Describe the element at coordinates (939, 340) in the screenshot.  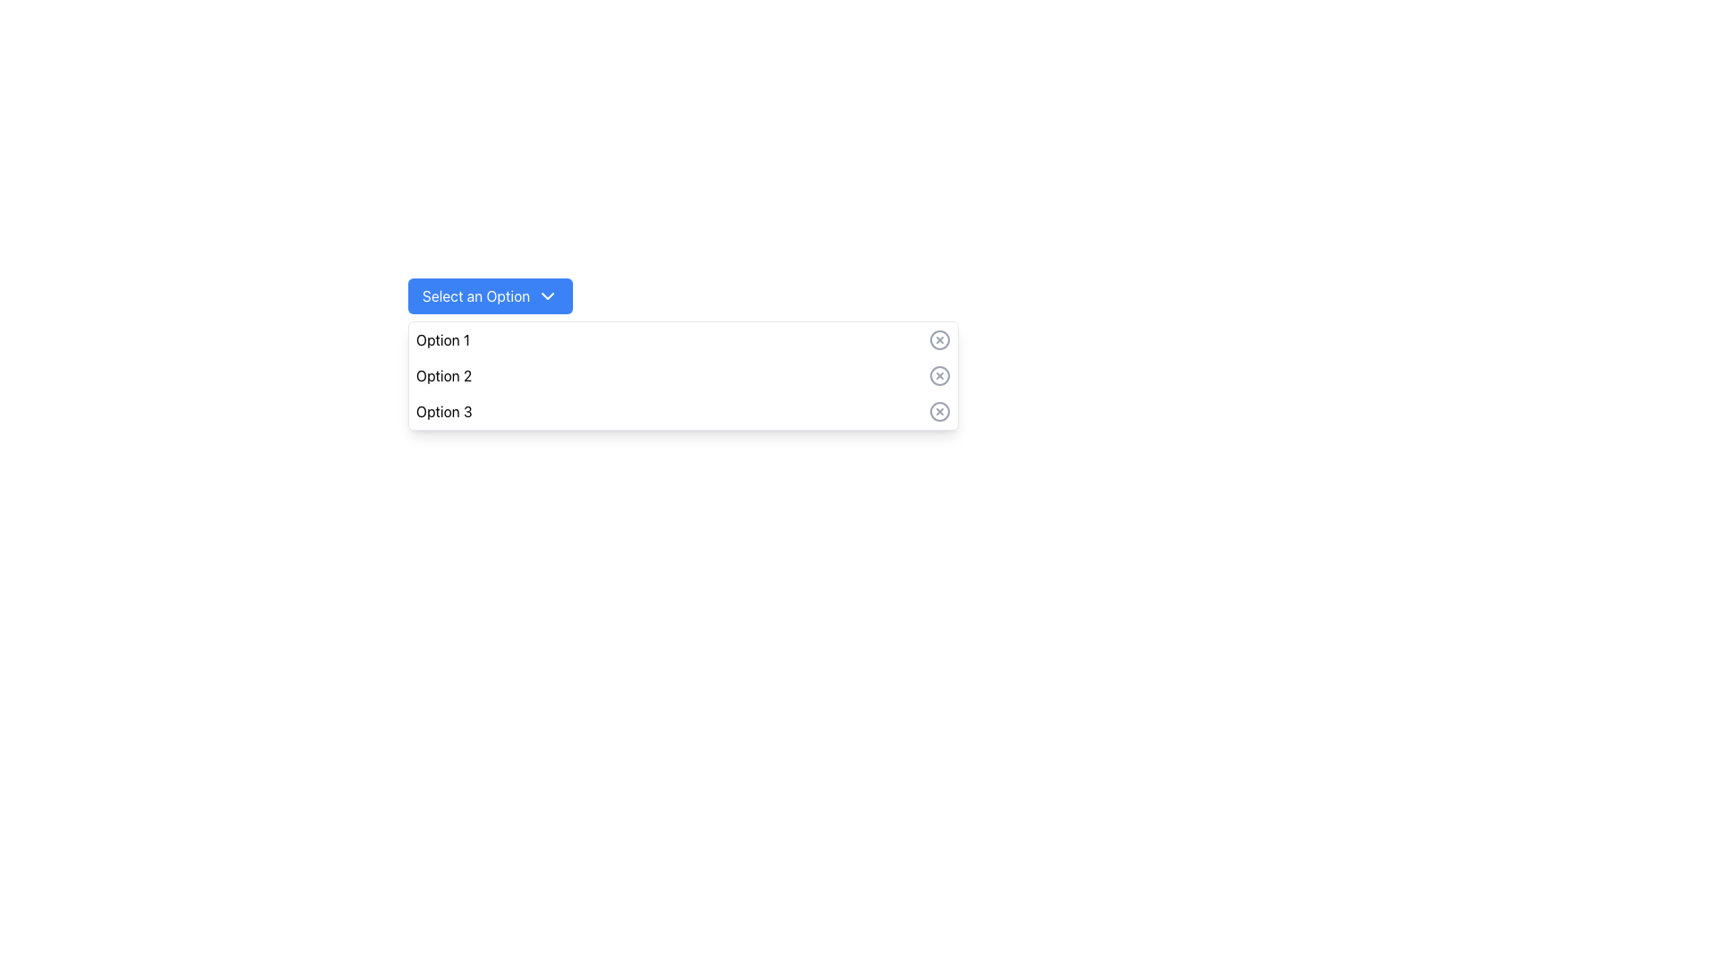
I see `the Circle SVG graphical element that serves as the circular background of the cross icon used for closing or canceling actions, positioned to the right of the text options in the list` at that location.